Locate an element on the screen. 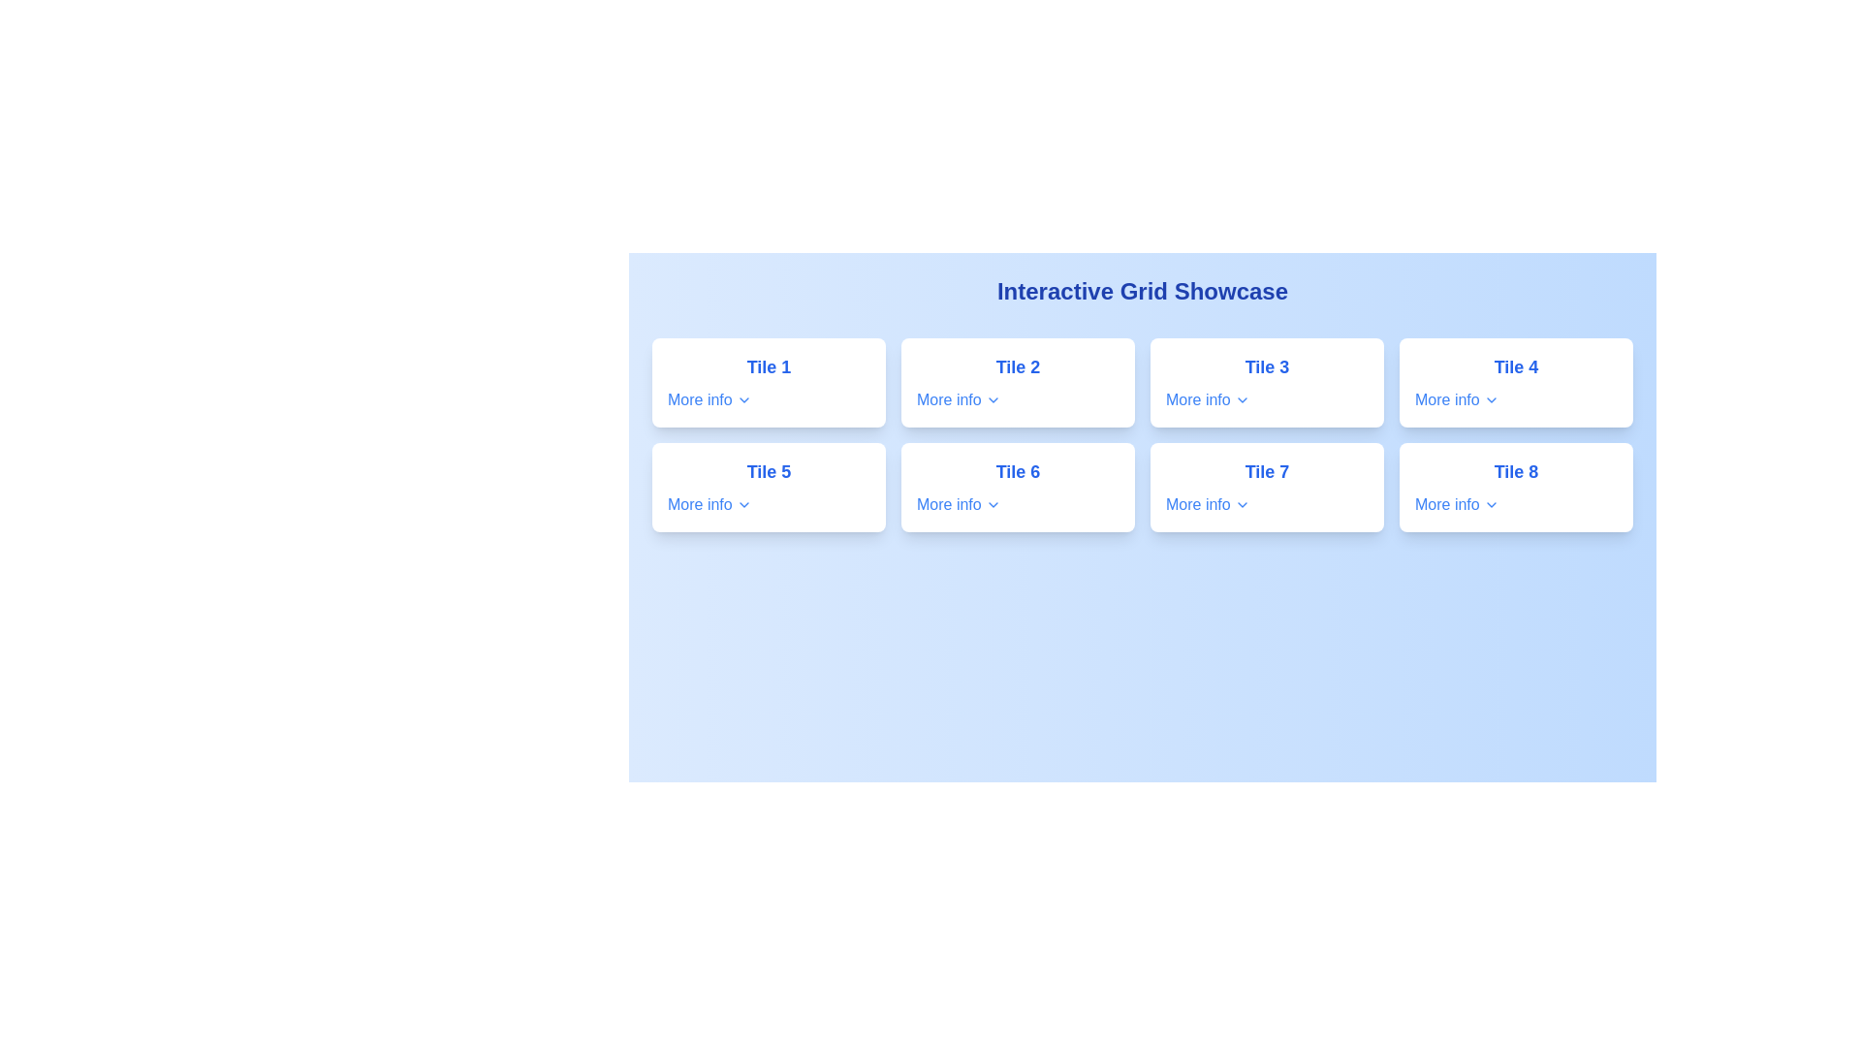  the chevron icon located on the 'More info' button within the 'Tile 5' section is located at coordinates (742, 503).